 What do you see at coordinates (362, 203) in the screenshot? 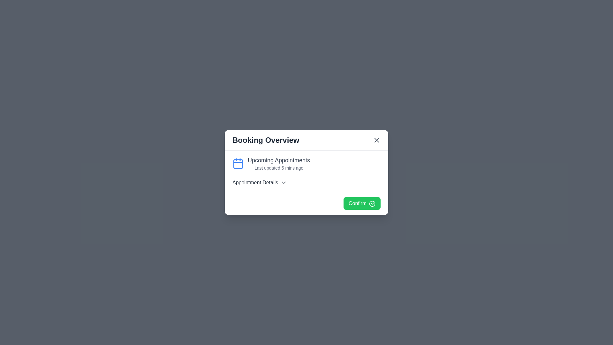
I see `the green 'Confirm' button with rounded corners that contains a checkmark icon` at bounding box center [362, 203].